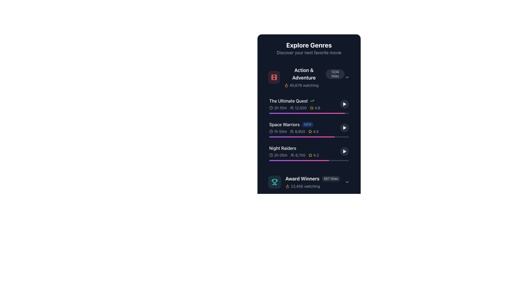 The height and width of the screenshot is (290, 516). Describe the element at coordinates (304, 151) in the screenshot. I see `the List Item displaying details about the movie 'Night Raiders', which includes its title, duration, audience count, and rating, positioned between 'Space Warriors' and 'Award Winners'` at that location.